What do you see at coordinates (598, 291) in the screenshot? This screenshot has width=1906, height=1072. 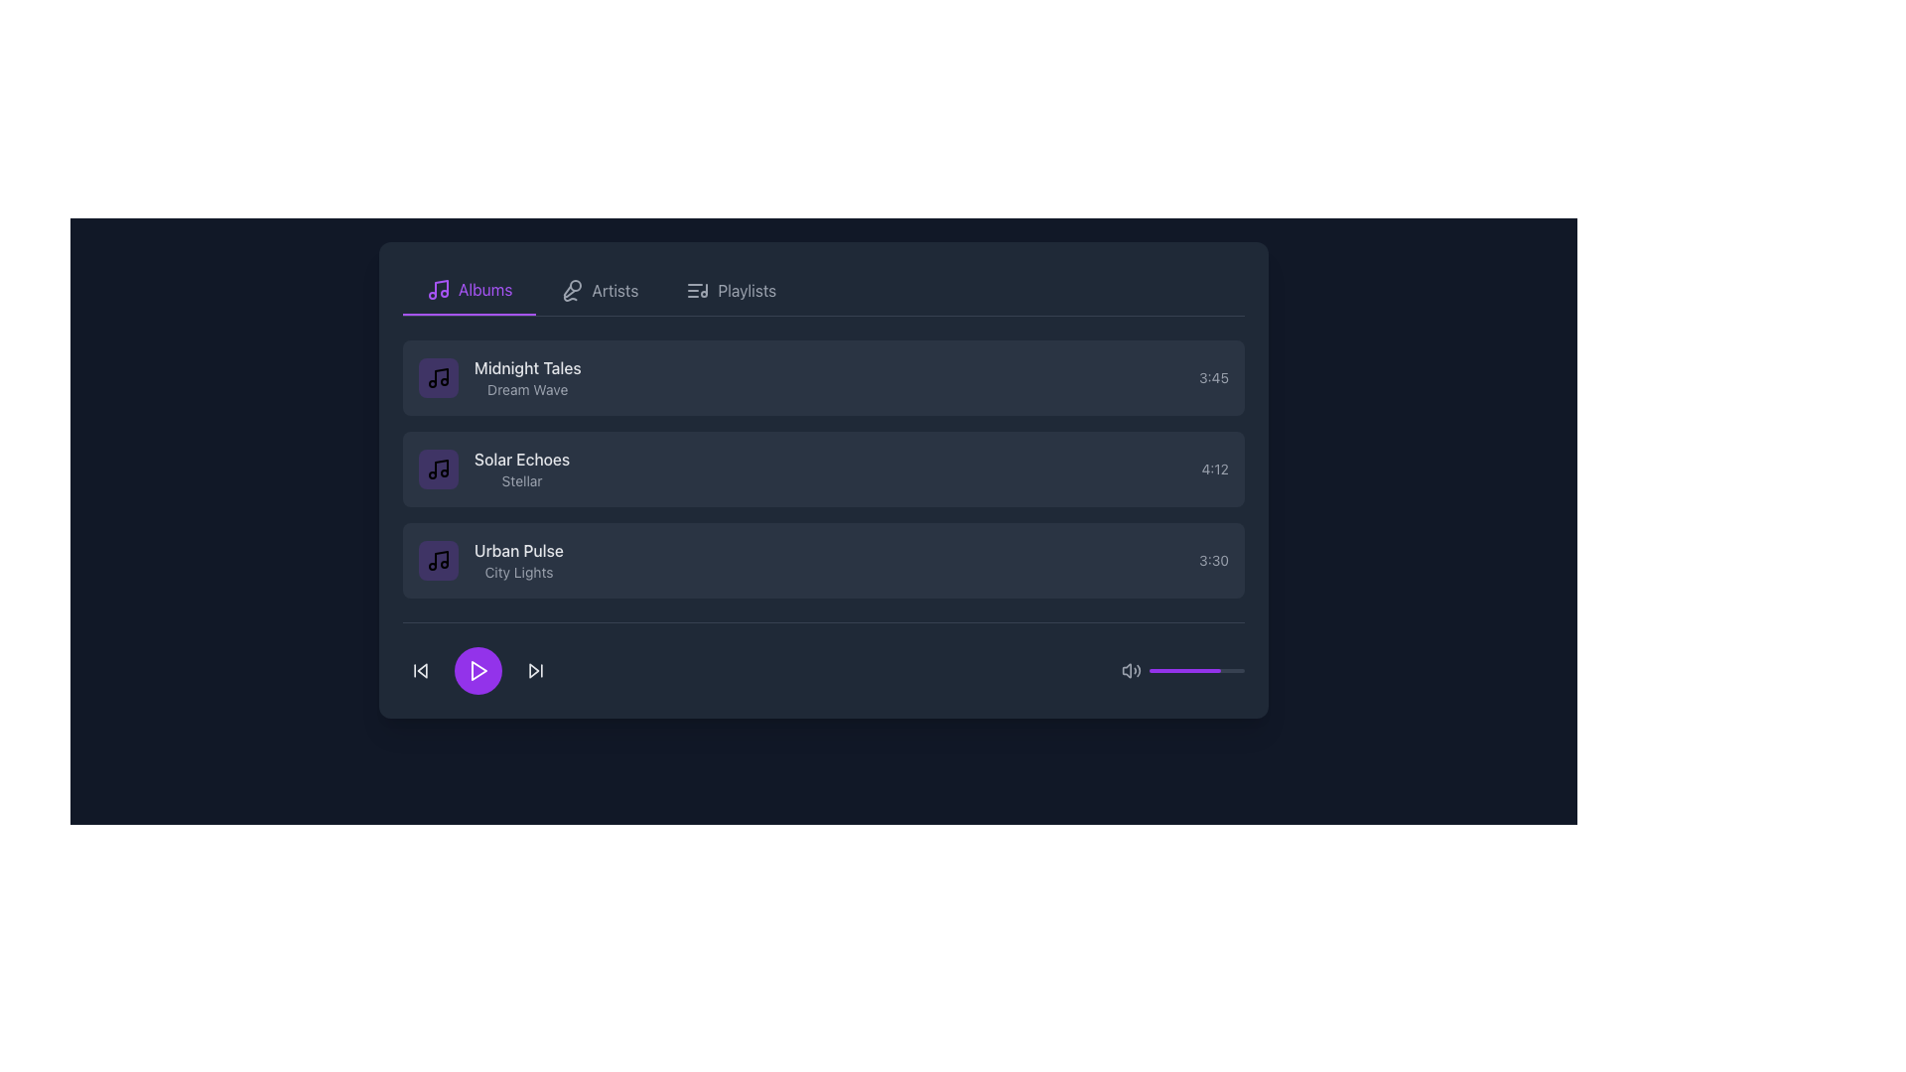 I see `the 'Artists' button, which is a light gray button with a microphone icon and the label 'Artists' in a horizontal navigation bar` at bounding box center [598, 291].